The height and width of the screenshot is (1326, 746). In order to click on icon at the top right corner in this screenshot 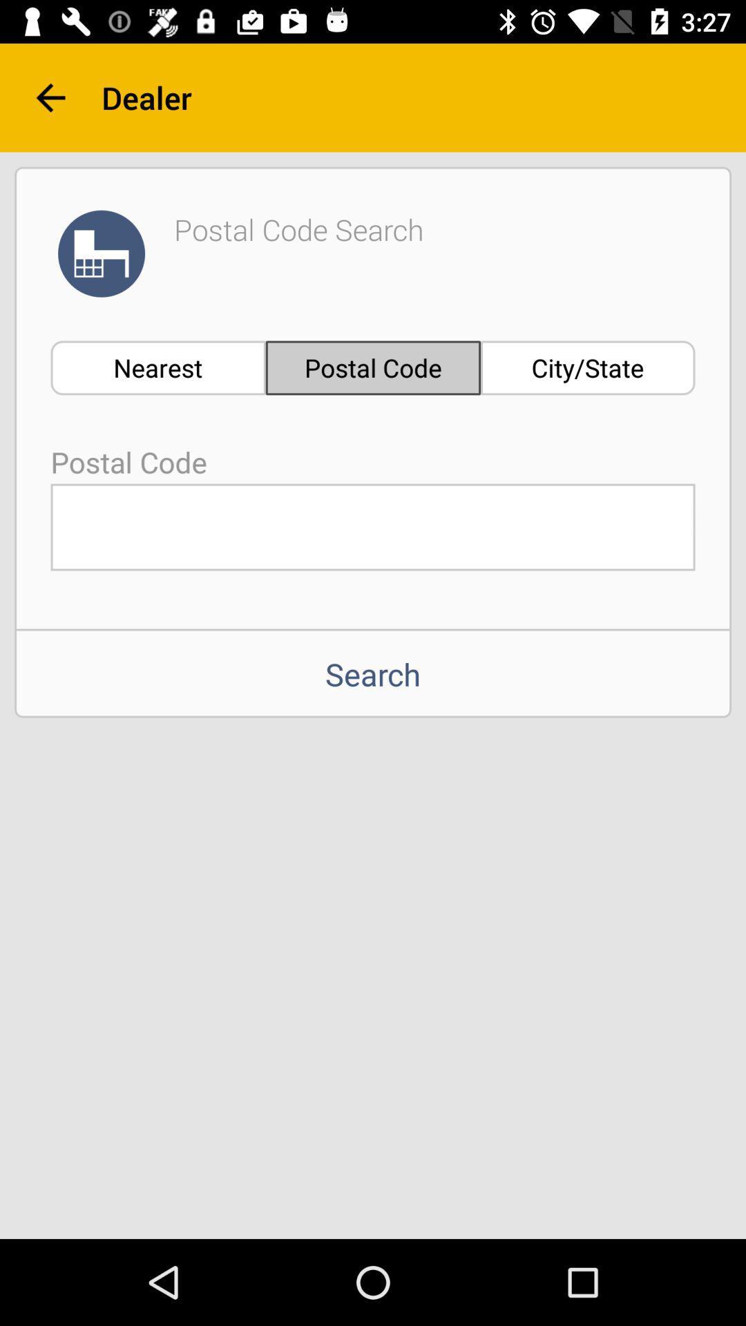, I will do `click(588, 367)`.